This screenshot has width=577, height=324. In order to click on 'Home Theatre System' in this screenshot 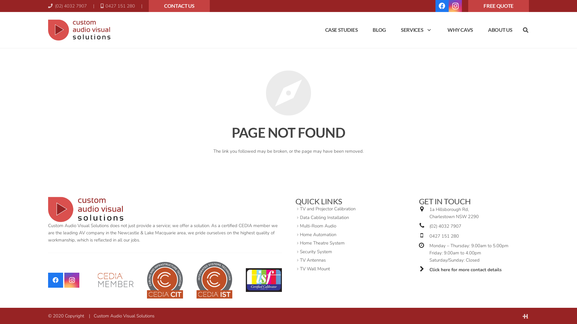, I will do `click(322, 243)`.